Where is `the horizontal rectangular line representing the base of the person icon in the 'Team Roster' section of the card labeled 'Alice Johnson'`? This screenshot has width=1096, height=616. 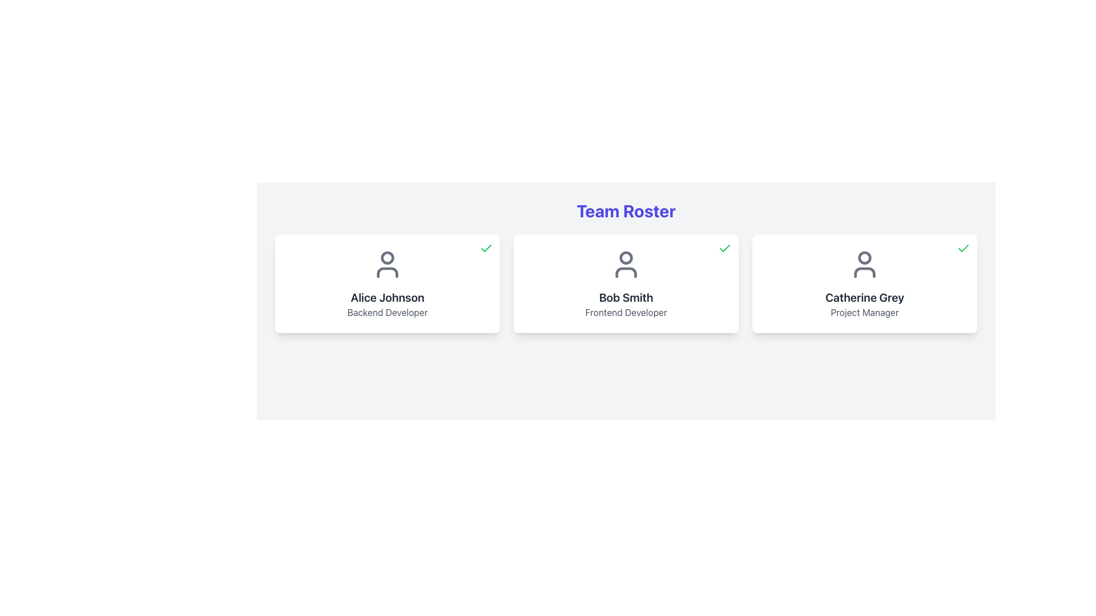 the horizontal rectangular line representing the base of the person icon in the 'Team Roster' section of the card labeled 'Alice Johnson' is located at coordinates (387, 273).